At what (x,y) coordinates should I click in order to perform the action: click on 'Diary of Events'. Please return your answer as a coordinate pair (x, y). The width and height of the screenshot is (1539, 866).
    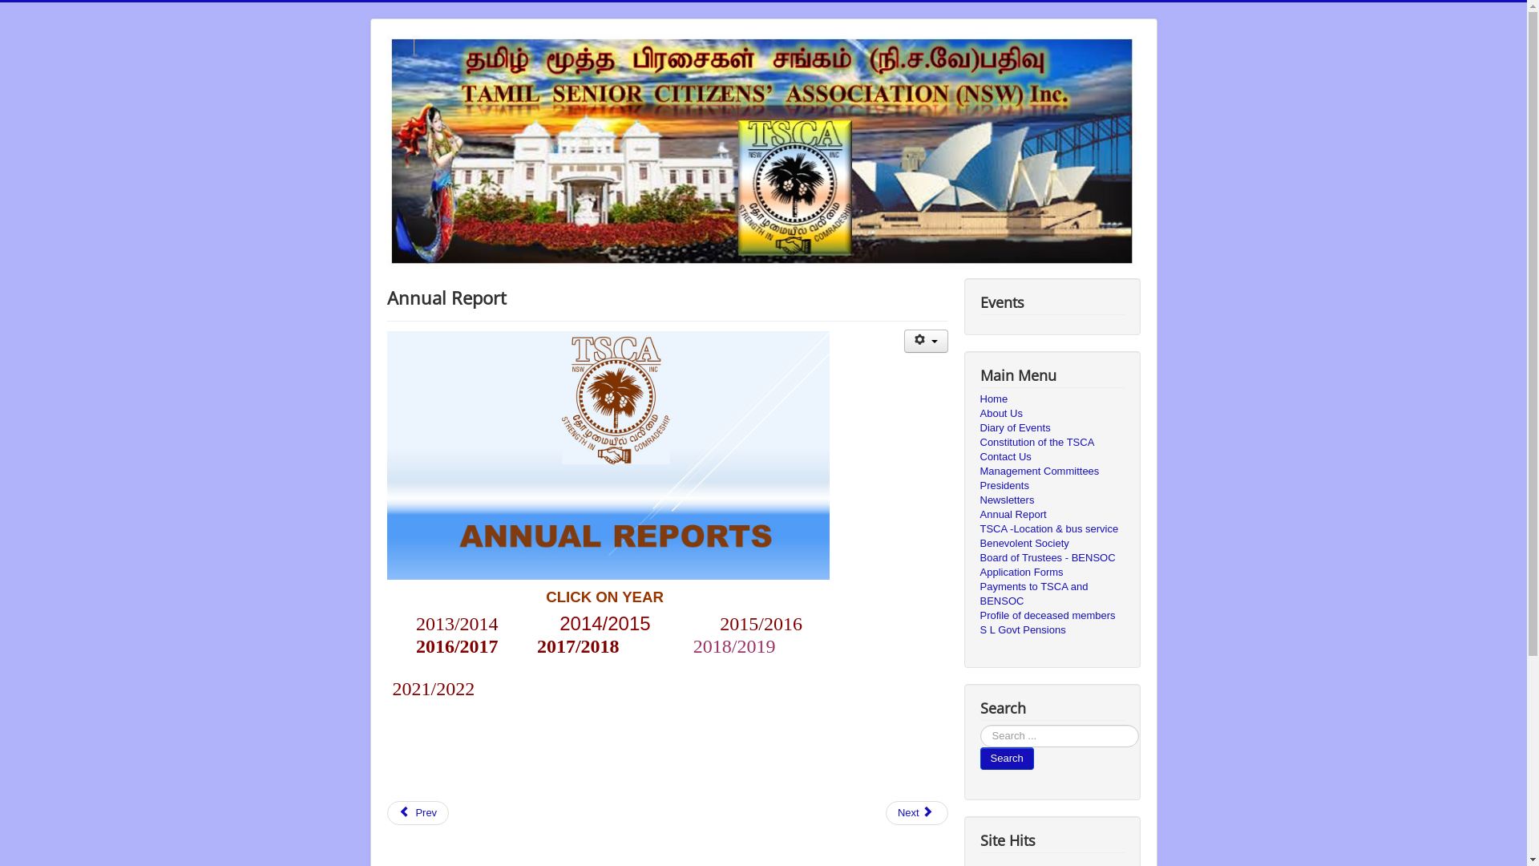
    Looking at the image, I should click on (1051, 427).